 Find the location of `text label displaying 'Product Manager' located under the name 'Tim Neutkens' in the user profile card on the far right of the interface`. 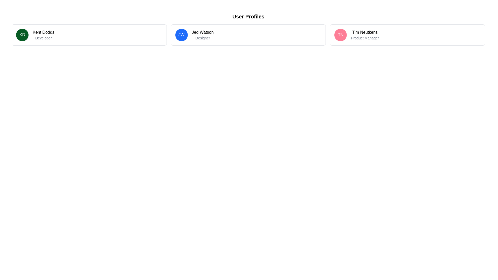

text label displaying 'Product Manager' located under the name 'Tim Neutkens' in the user profile card on the far right of the interface is located at coordinates (364, 38).